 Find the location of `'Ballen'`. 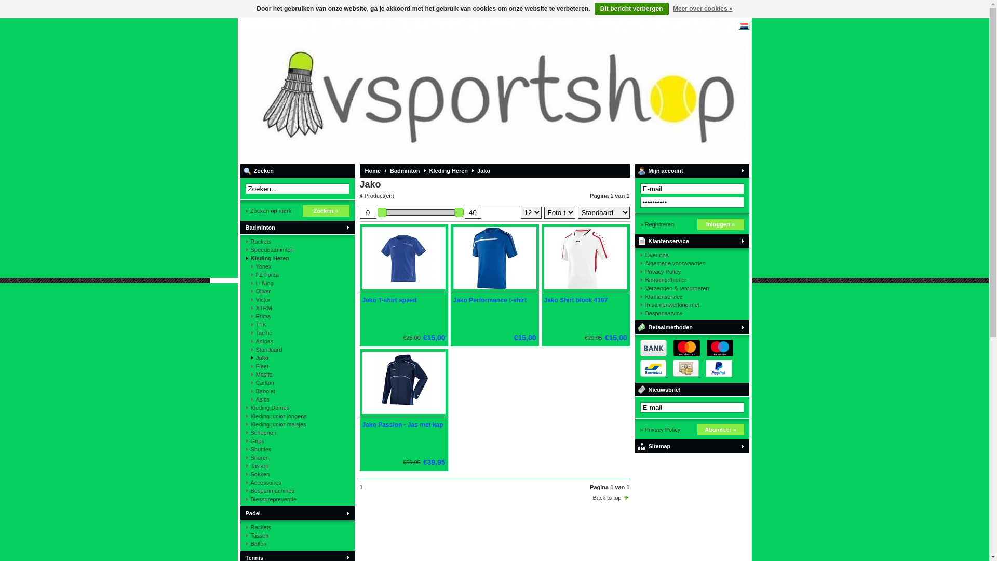

'Ballen' is located at coordinates (296, 543).